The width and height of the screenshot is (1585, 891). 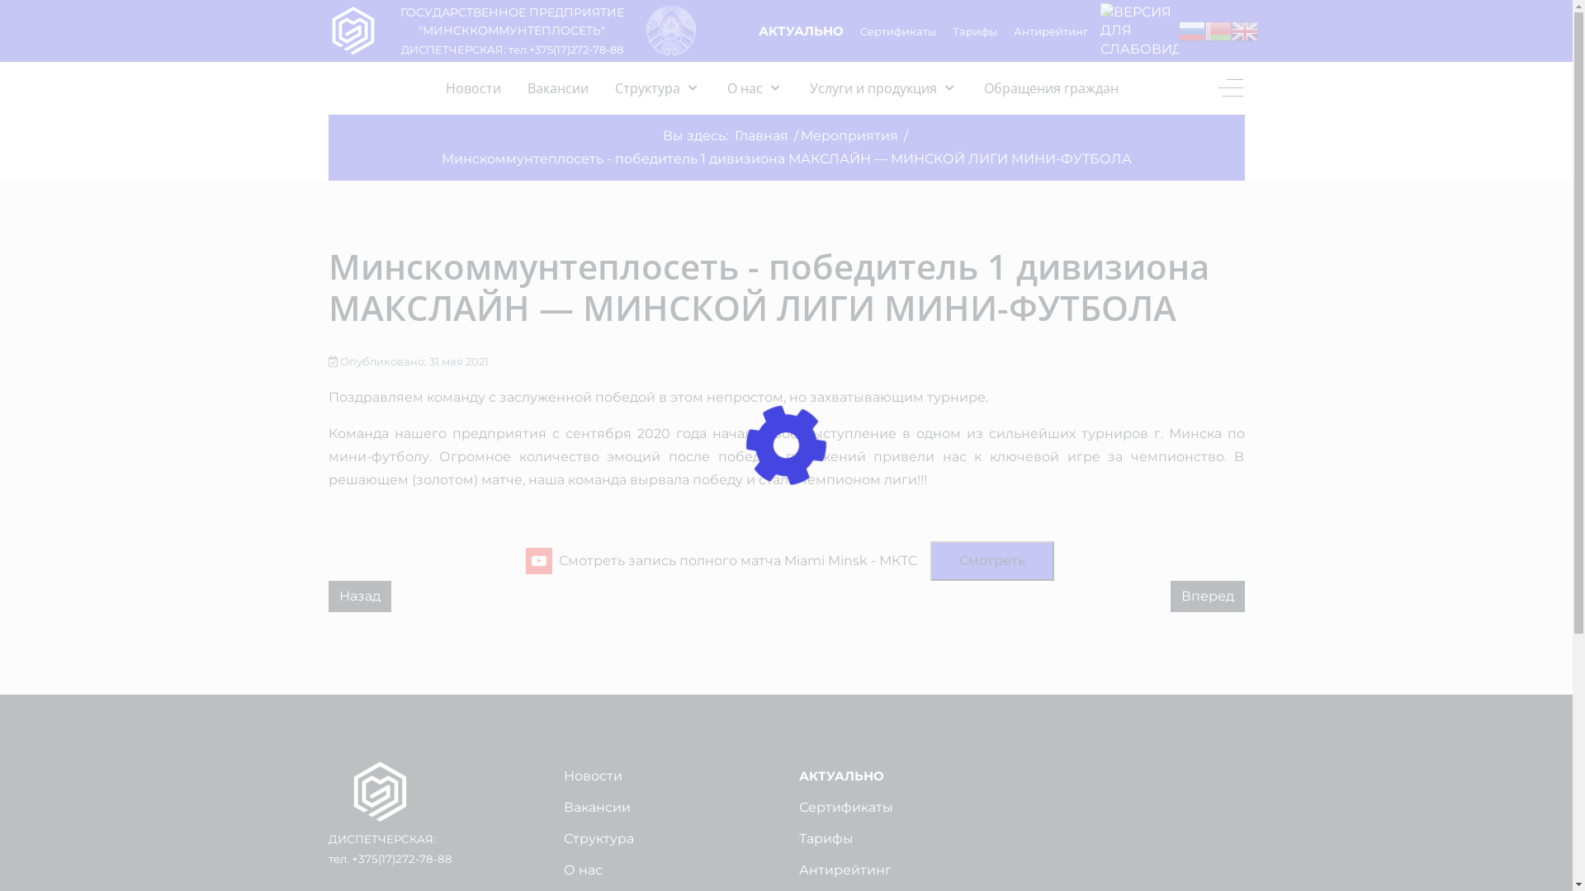 I want to click on 'English', so click(x=1244, y=30).